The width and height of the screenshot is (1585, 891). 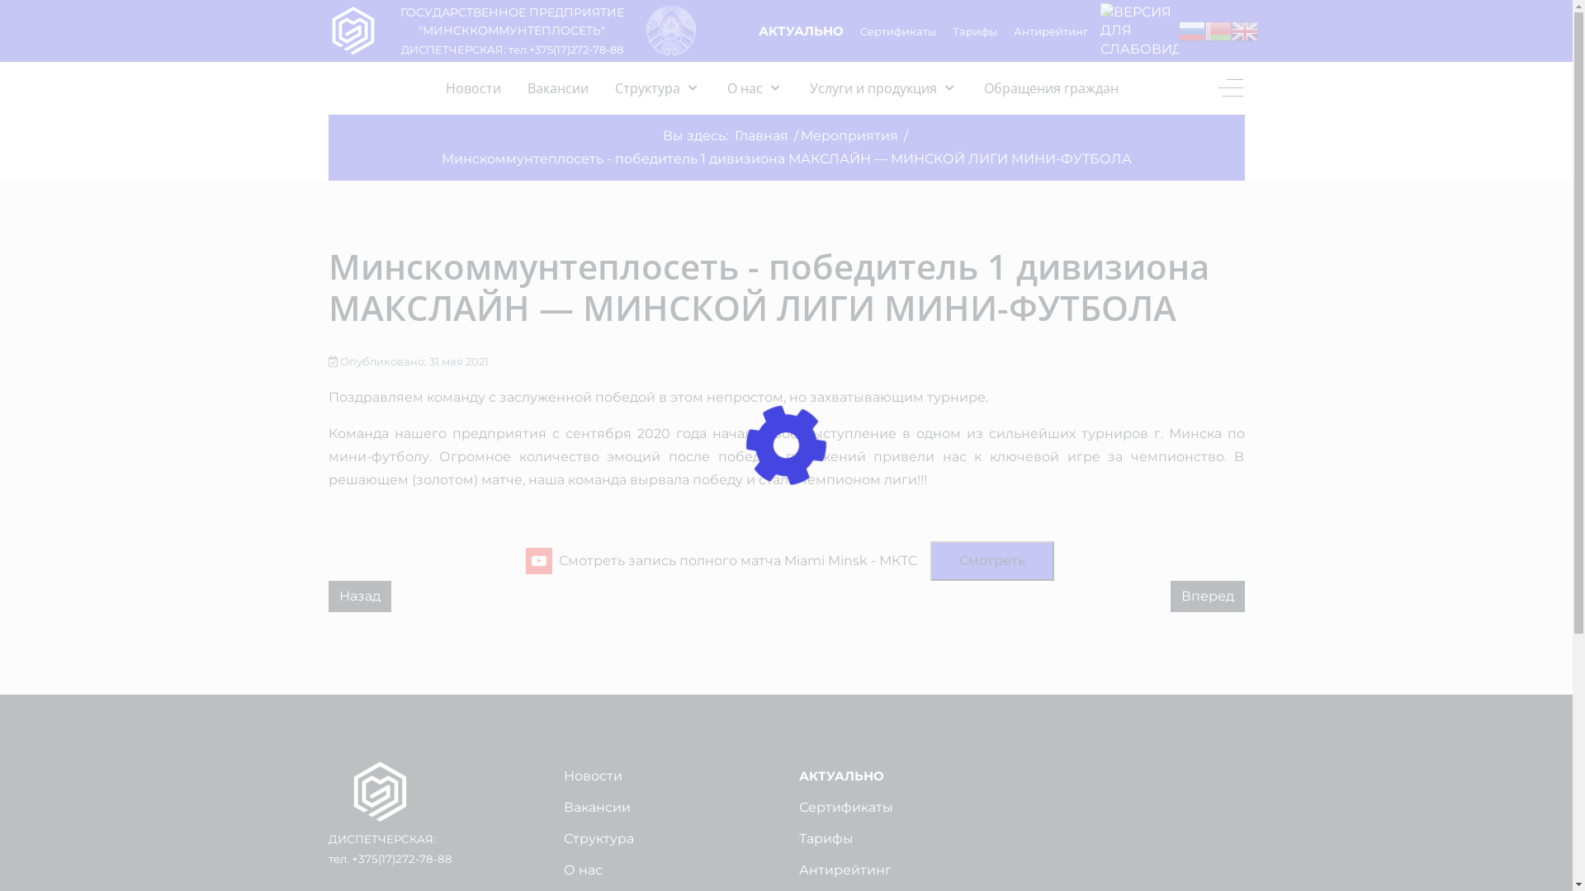 I want to click on 'English', so click(x=1244, y=30).